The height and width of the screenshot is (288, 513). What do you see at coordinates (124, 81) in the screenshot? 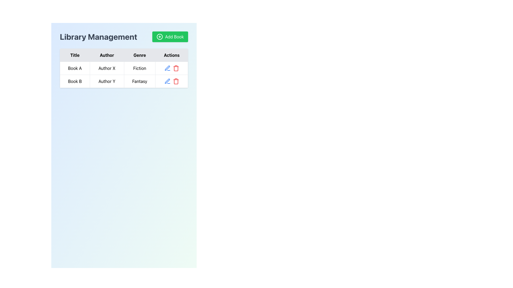
I see `the table row displaying information about 'Book B' by 'Author Y' in the 'Fantasy' genre, which is the second entry in the table` at bounding box center [124, 81].